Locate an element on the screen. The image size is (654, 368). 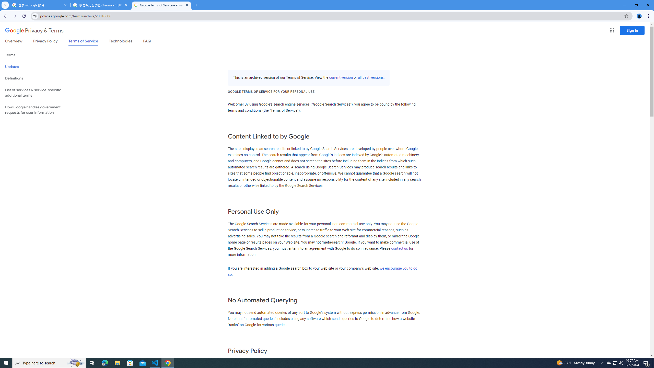
'all past versions' is located at coordinates (371, 77).